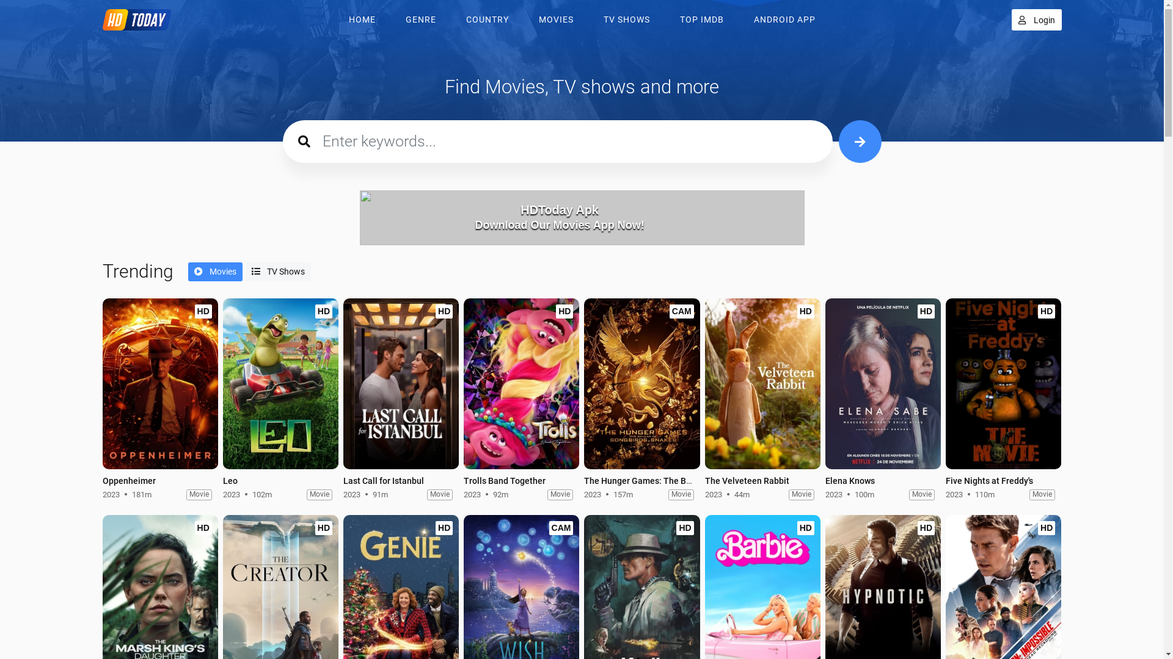  What do you see at coordinates (140, 20) in the screenshot?
I see `'HDToday'` at bounding box center [140, 20].